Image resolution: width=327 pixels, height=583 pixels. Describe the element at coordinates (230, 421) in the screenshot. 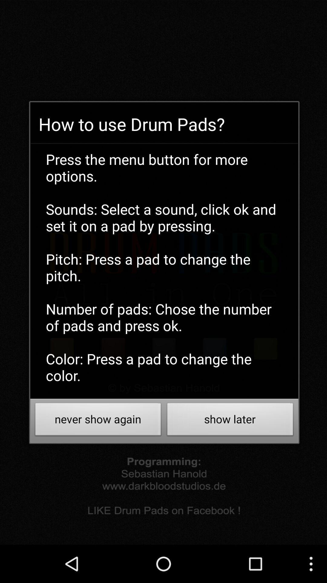

I see `item to the right of the never show again icon` at that location.